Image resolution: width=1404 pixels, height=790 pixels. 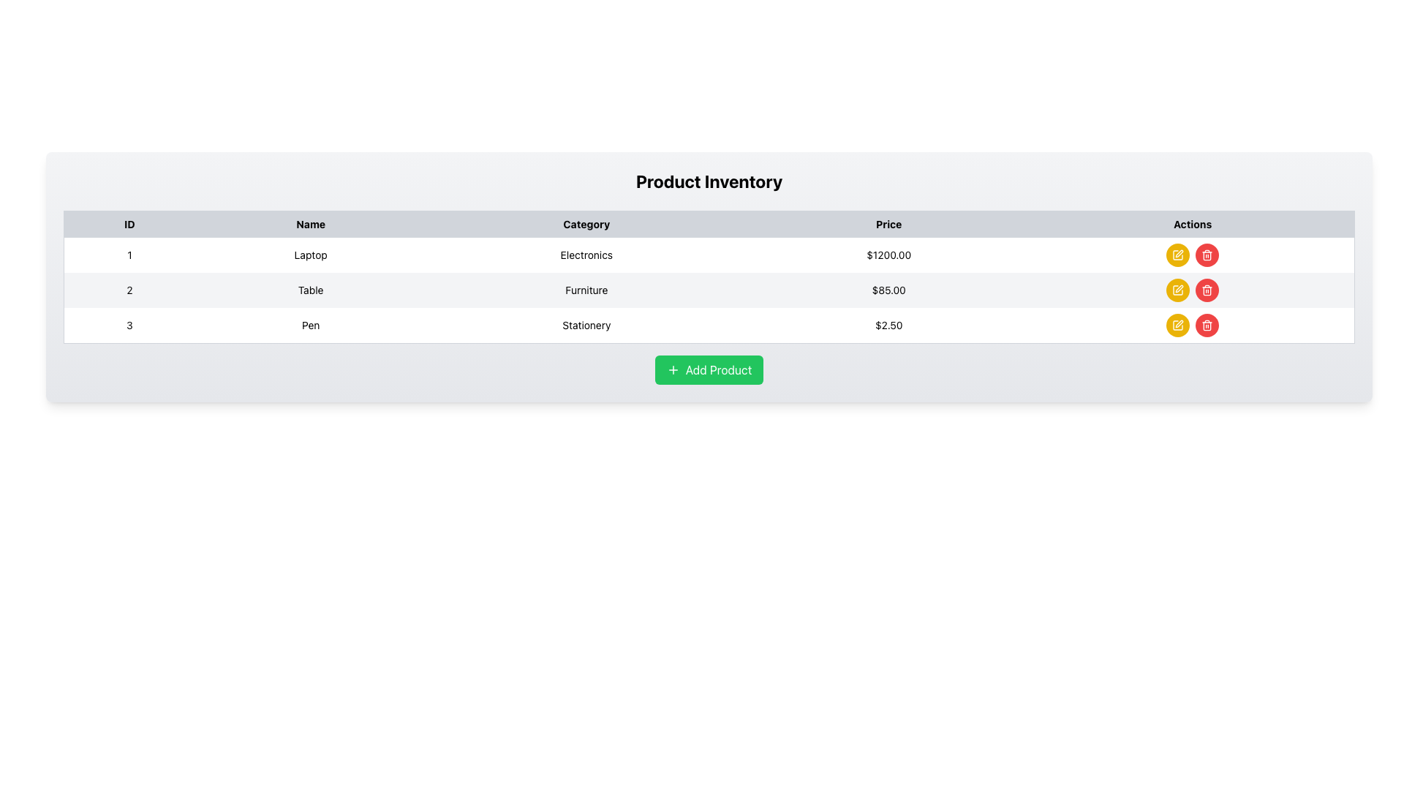 I want to click on the trash can icon button with a bold red circular background located in the 'Actions' column of the data table to initiate deletion of an item, so click(x=1207, y=254).